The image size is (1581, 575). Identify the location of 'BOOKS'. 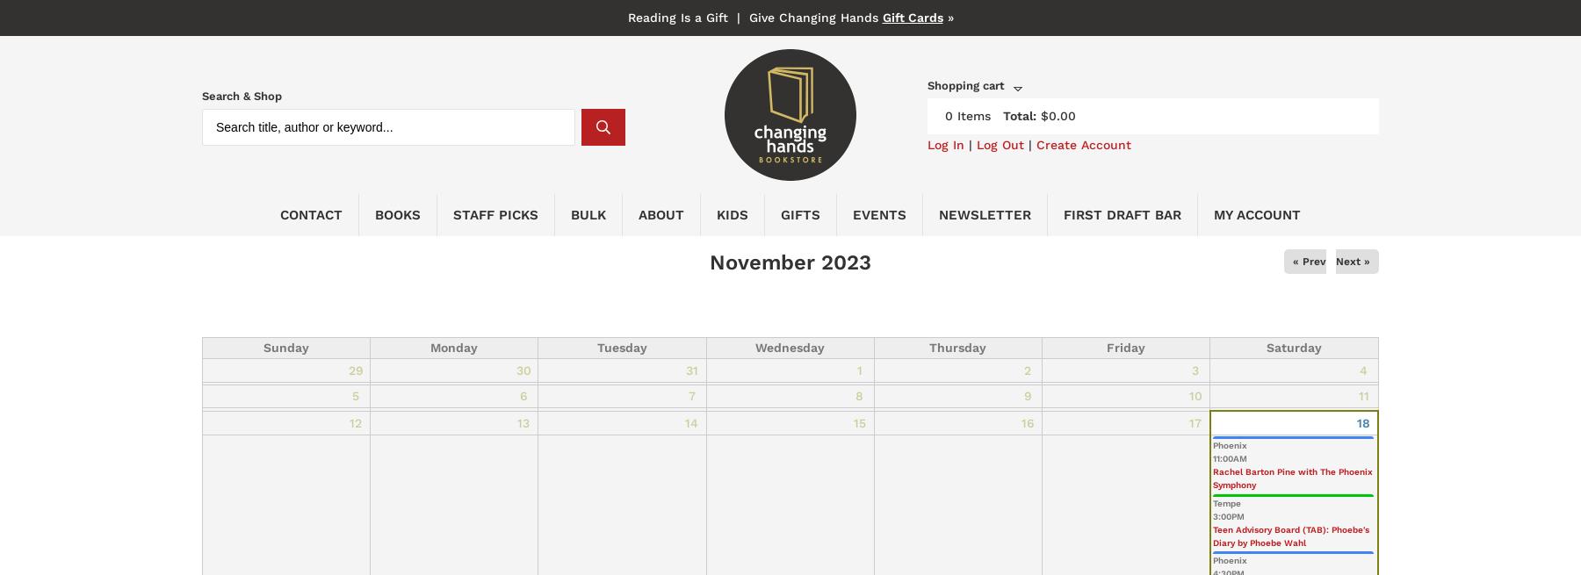
(397, 213).